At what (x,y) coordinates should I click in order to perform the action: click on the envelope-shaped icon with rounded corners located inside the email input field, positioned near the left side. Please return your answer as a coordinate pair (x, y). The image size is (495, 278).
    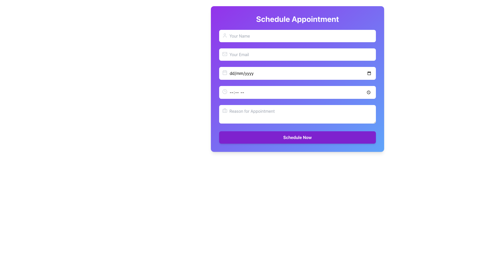
    Looking at the image, I should click on (225, 54).